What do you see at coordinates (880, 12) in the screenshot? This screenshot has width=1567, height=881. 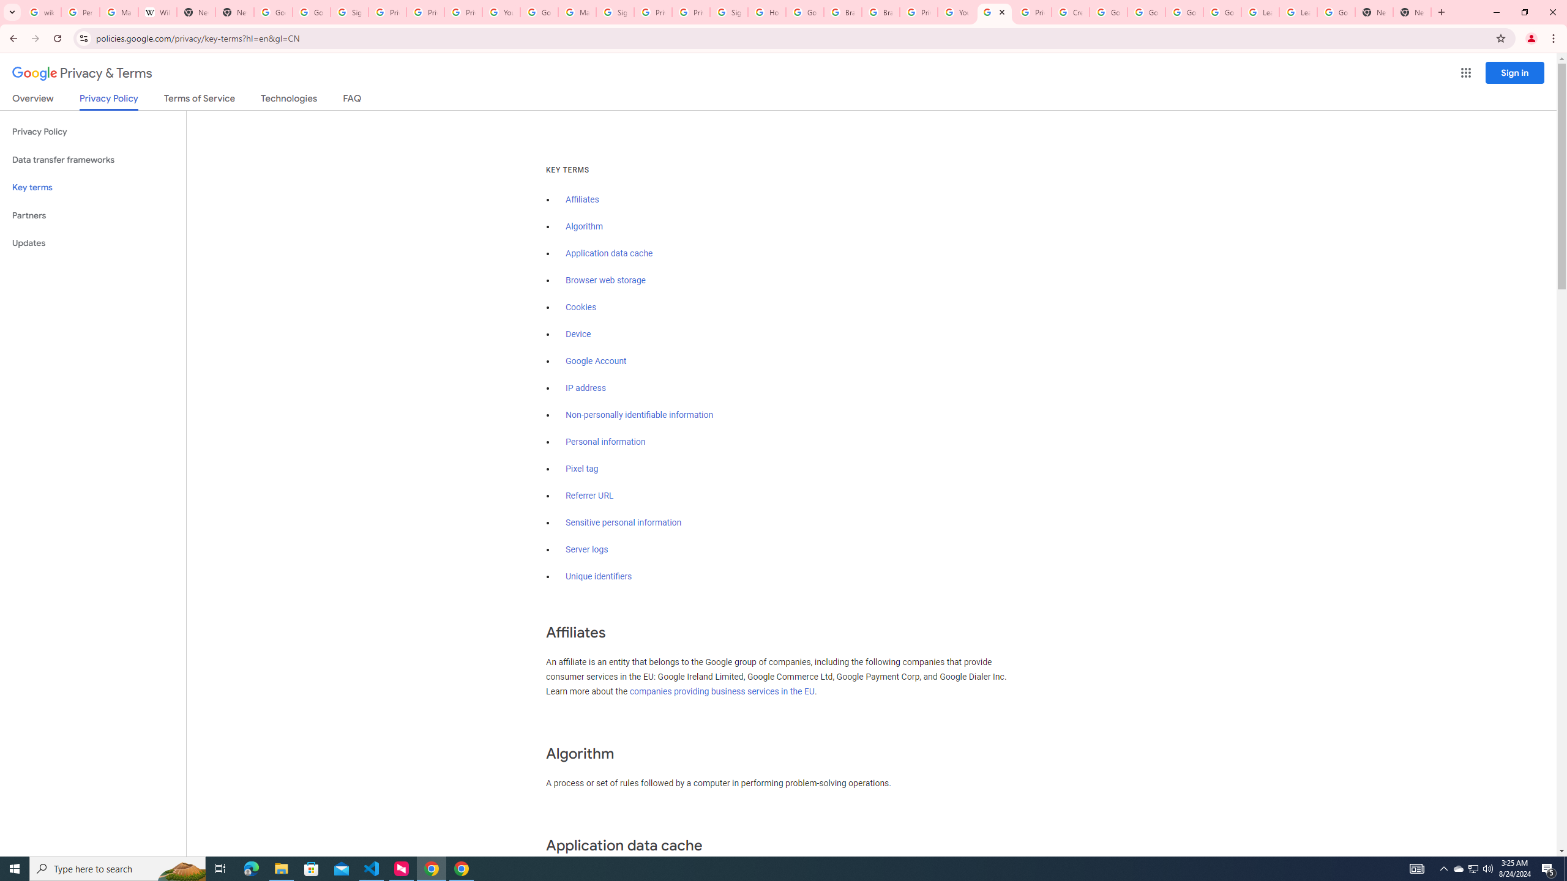 I see `'Brand Resource Center'` at bounding box center [880, 12].